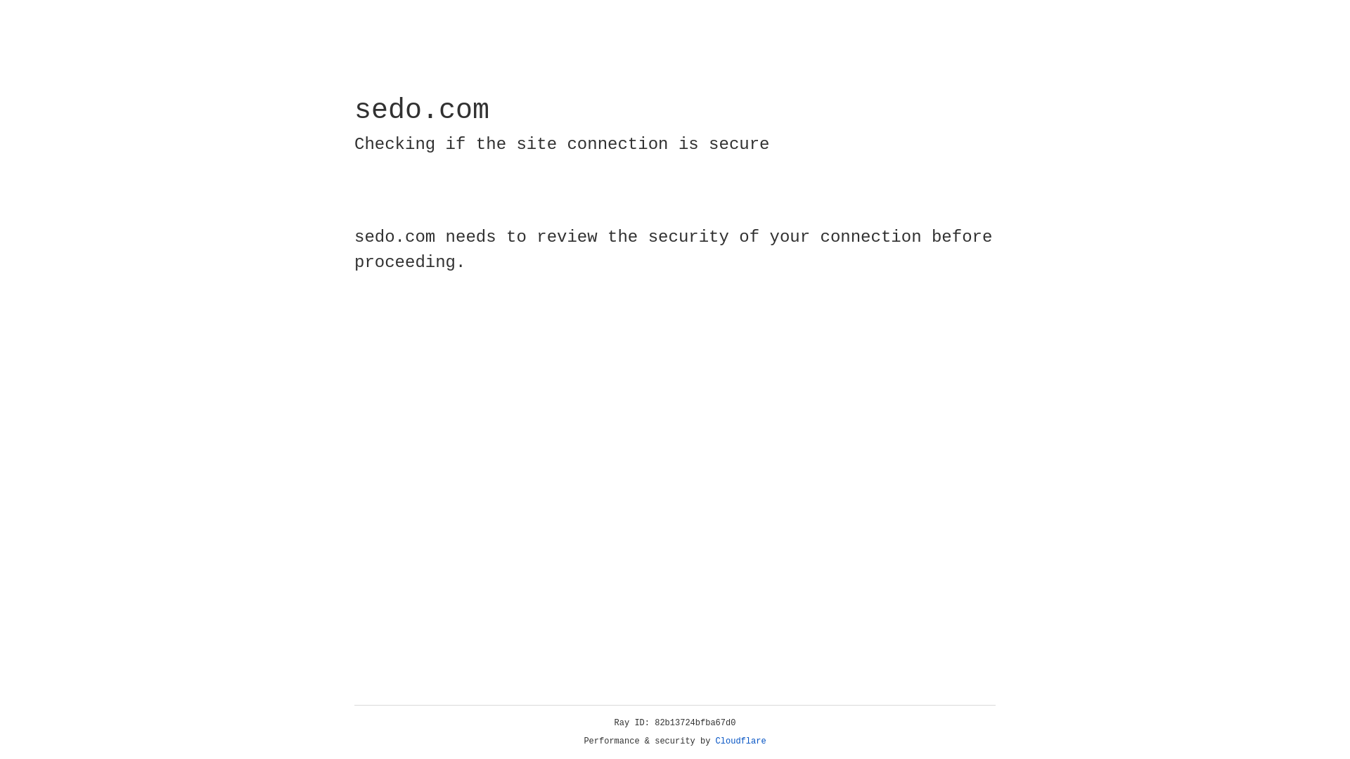  Describe the element at coordinates (740, 741) in the screenshot. I see `'Cloudflare'` at that location.